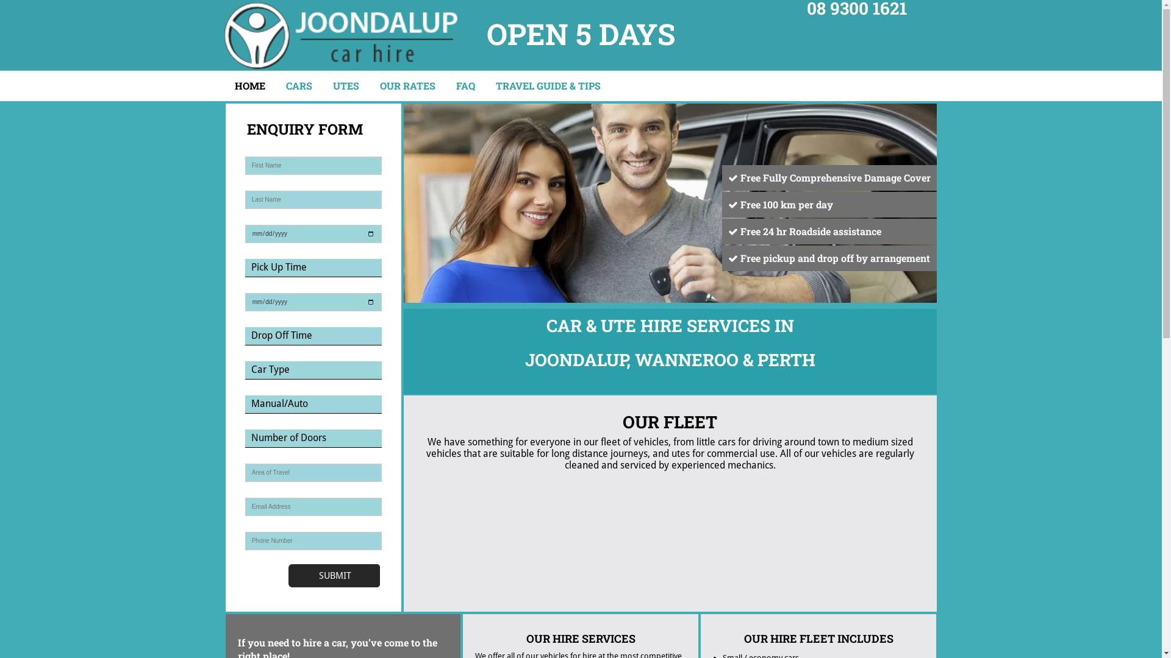 The width and height of the screenshot is (1171, 658). I want to click on 'HOME', so click(248, 85).